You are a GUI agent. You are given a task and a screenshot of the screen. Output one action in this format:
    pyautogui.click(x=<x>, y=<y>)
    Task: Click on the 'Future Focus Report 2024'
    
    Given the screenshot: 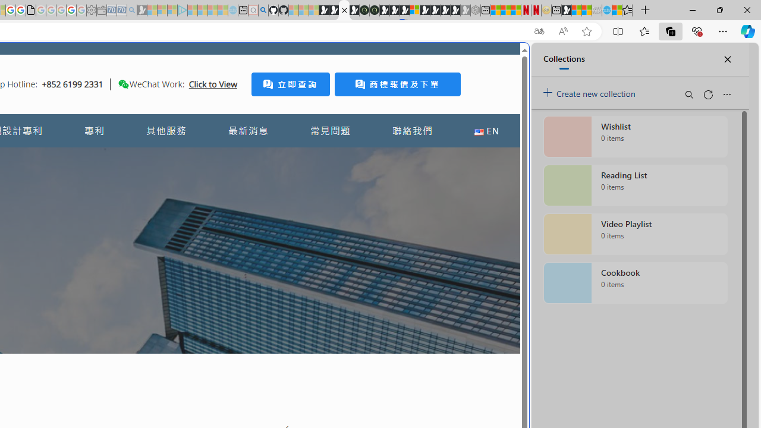 What is the action you would take?
    pyautogui.click(x=373, y=10)
    